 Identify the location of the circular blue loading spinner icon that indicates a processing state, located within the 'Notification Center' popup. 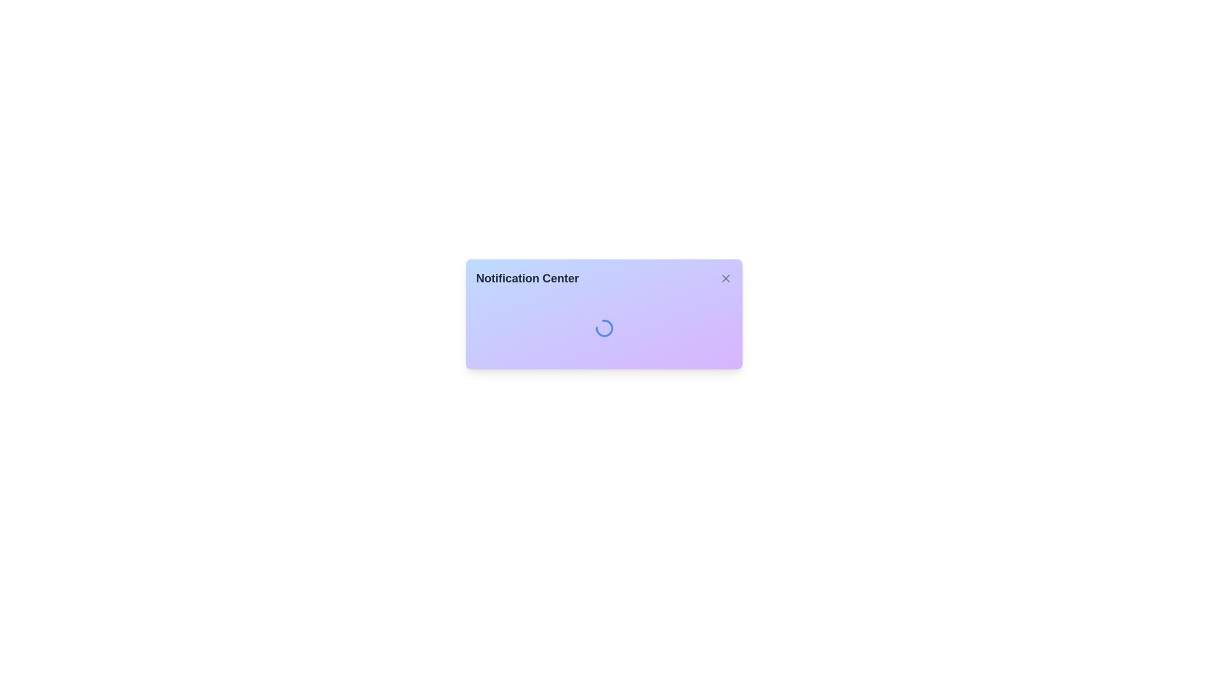
(603, 327).